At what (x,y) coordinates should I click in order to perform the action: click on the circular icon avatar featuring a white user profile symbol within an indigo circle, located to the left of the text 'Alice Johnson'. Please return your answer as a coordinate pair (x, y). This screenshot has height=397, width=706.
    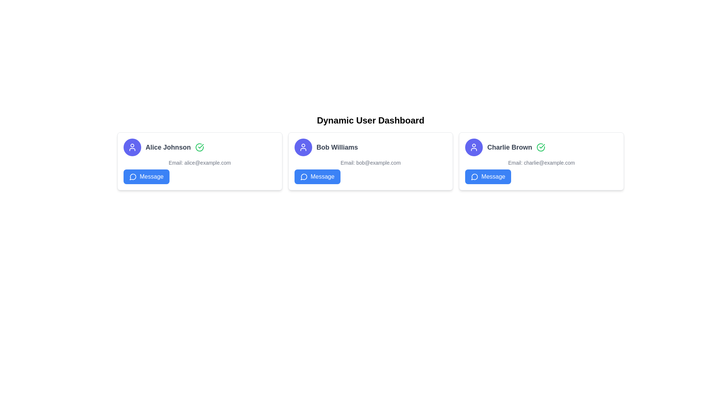
    Looking at the image, I should click on (132, 147).